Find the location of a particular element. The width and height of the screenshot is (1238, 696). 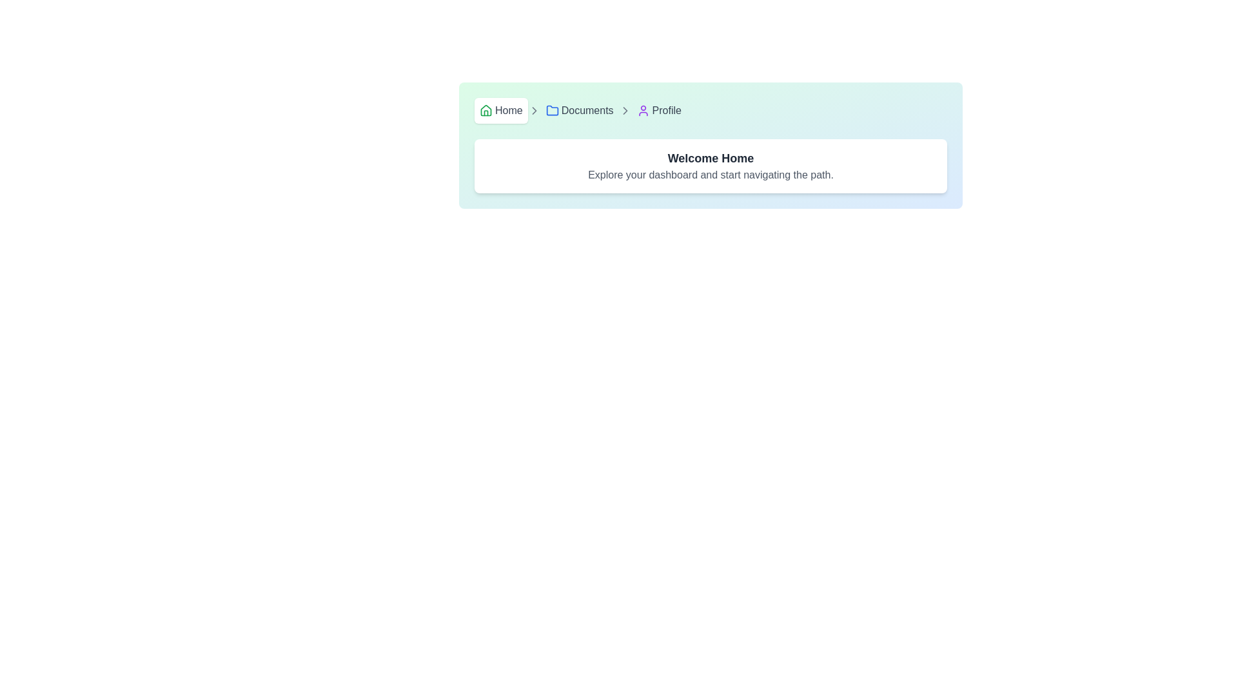

the folder icon in the breadcrumb navigation bar that represents the 'Documents' section, located next to the 'Documents' text label is located at coordinates (552, 110).